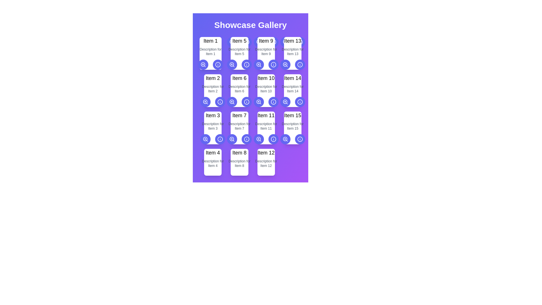  What do you see at coordinates (239, 128) in the screenshot?
I see `the Display card that presents the title and description of 'Item 7', located in the second row and third column of the grid layout` at bounding box center [239, 128].